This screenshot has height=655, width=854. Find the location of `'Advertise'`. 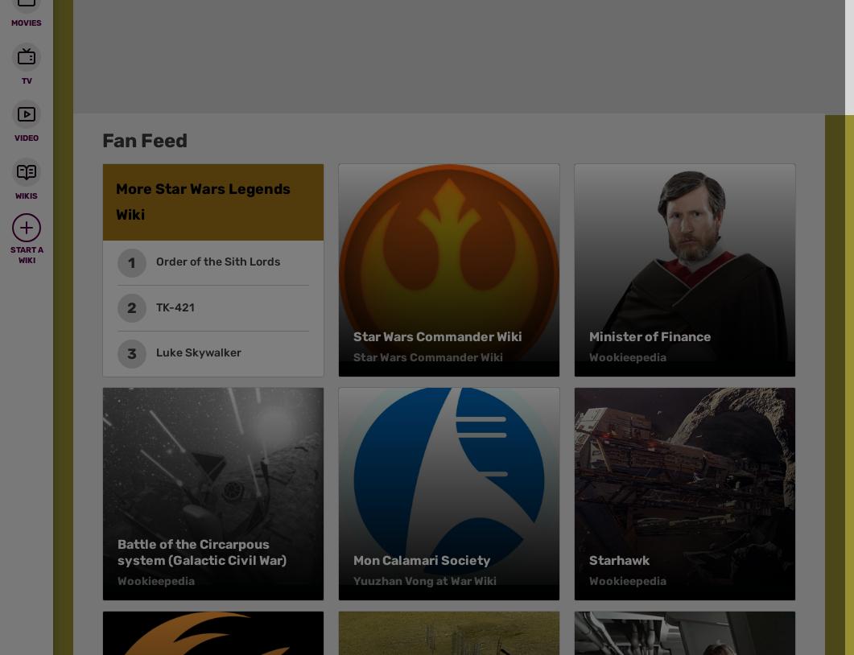

'Advertise' is located at coordinates (484, 145).